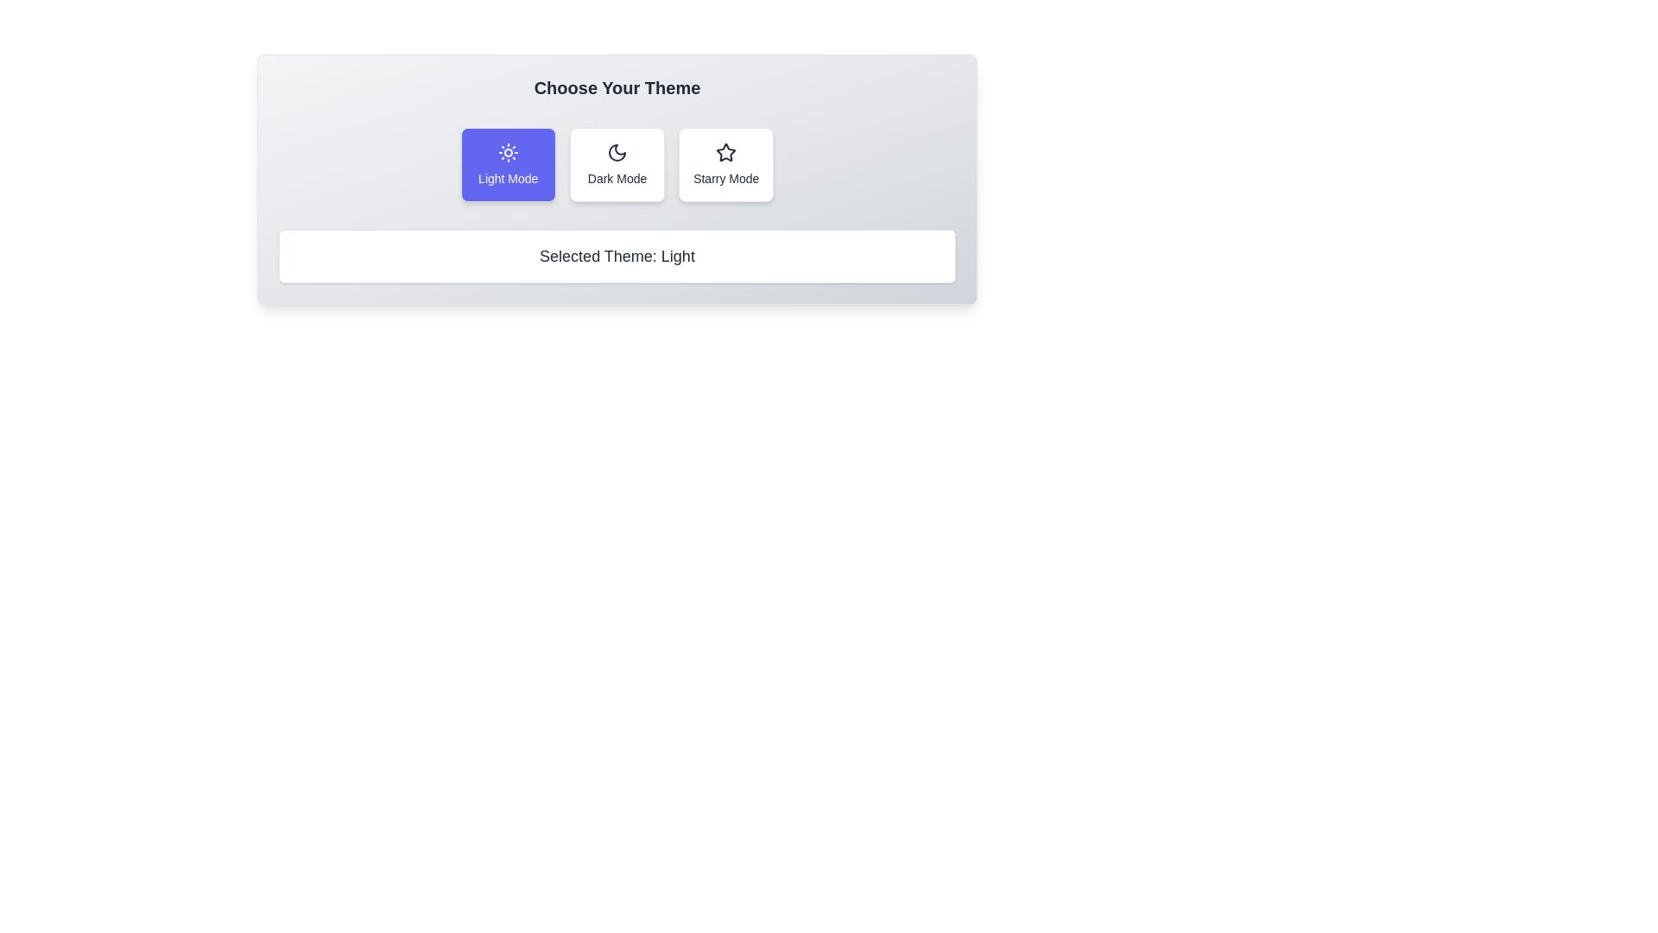 Image resolution: width=1658 pixels, height=933 pixels. I want to click on the button labeled Starry Mode to observe its hover effect, so click(726, 165).